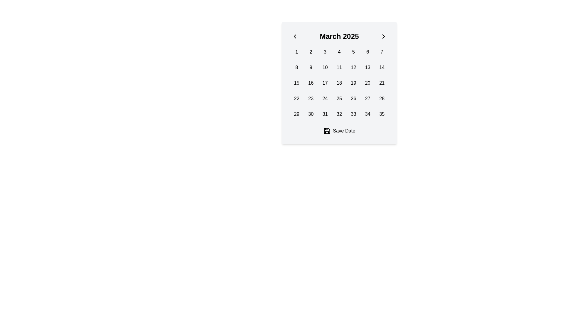 This screenshot has width=575, height=323. Describe the element at coordinates (296, 98) in the screenshot. I see `the square-shaped button containing the text '22'` at that location.